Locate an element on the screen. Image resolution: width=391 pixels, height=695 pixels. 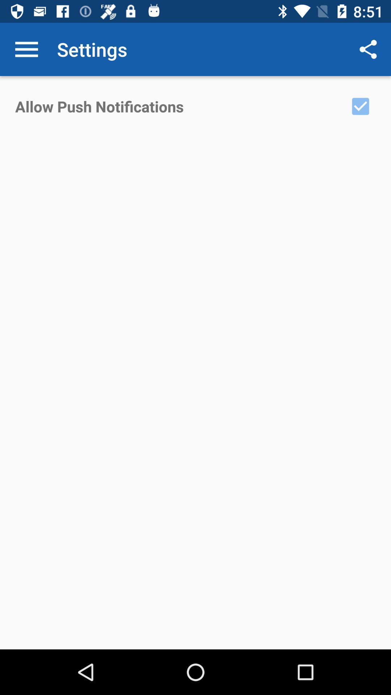
app next to settings is located at coordinates (368, 49).